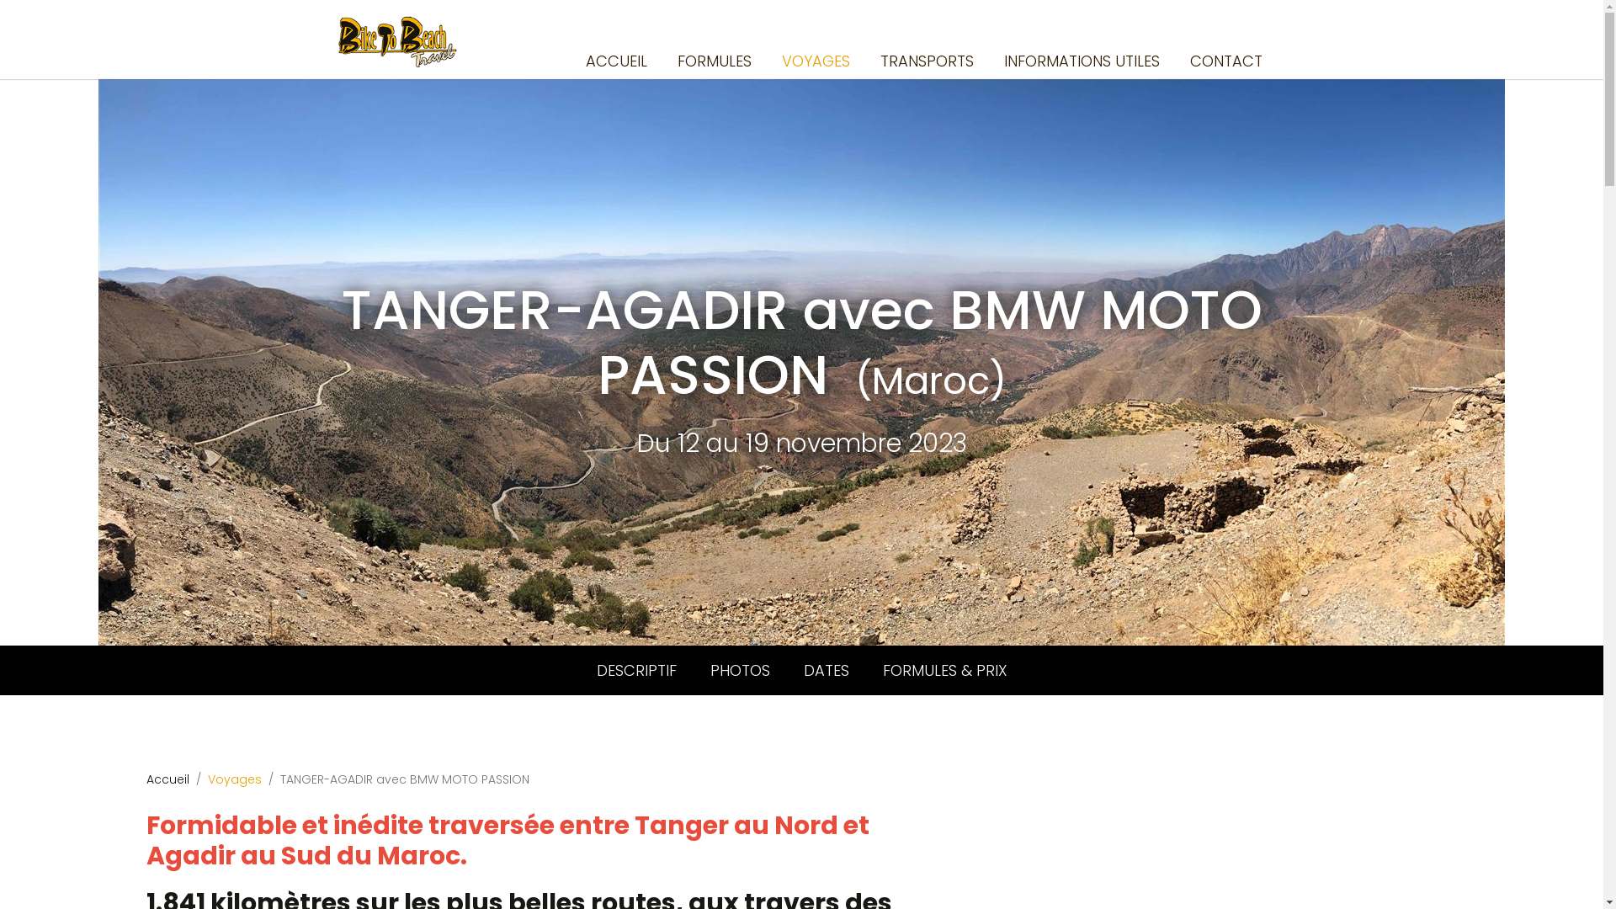 The height and width of the screenshot is (909, 1616). What do you see at coordinates (714, 60) in the screenshot?
I see `'FORMULES'` at bounding box center [714, 60].